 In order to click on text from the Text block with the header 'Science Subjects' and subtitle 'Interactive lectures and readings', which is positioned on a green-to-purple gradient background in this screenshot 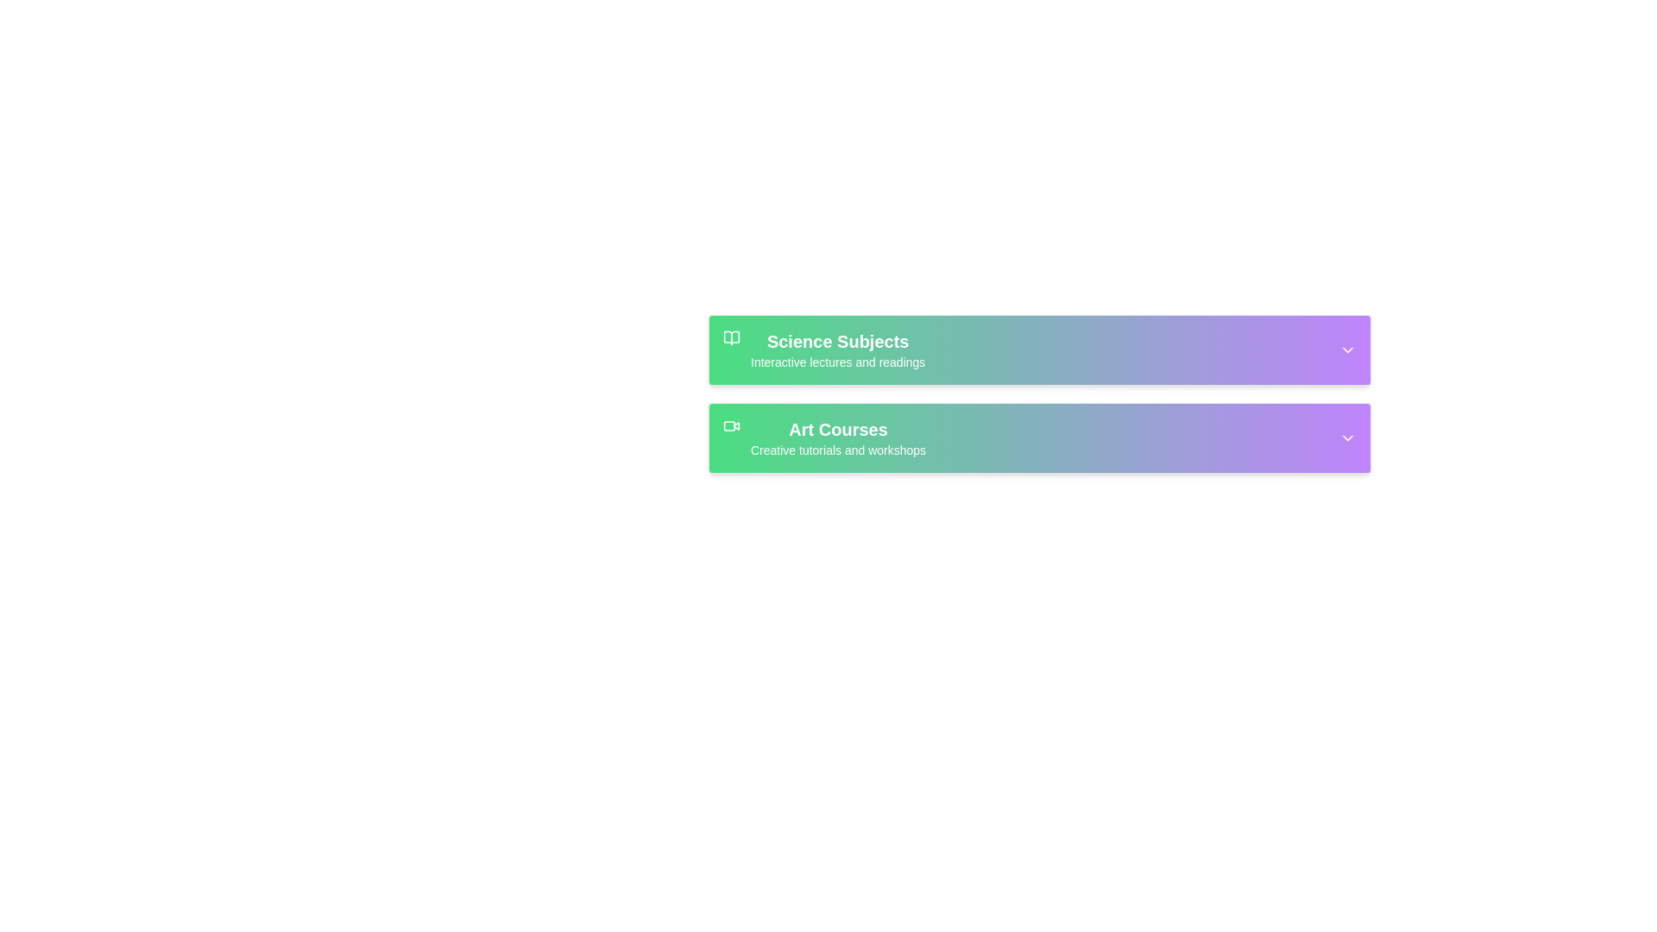, I will do `click(838, 349)`.